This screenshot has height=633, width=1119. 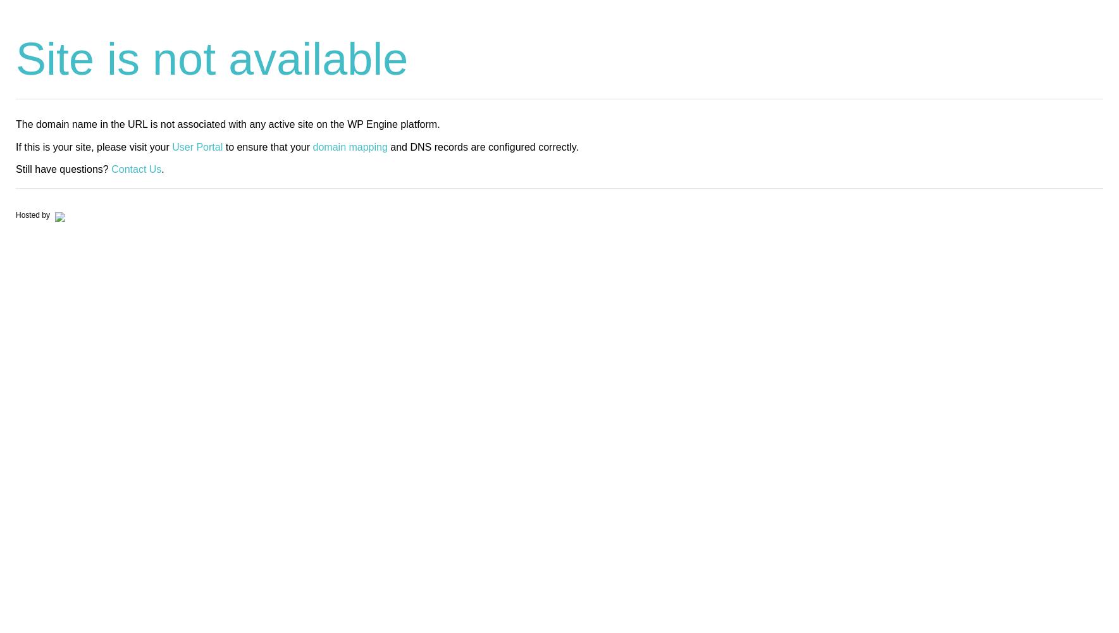 I want to click on 'and DNS records are
        configured correctly.', so click(x=387, y=146).